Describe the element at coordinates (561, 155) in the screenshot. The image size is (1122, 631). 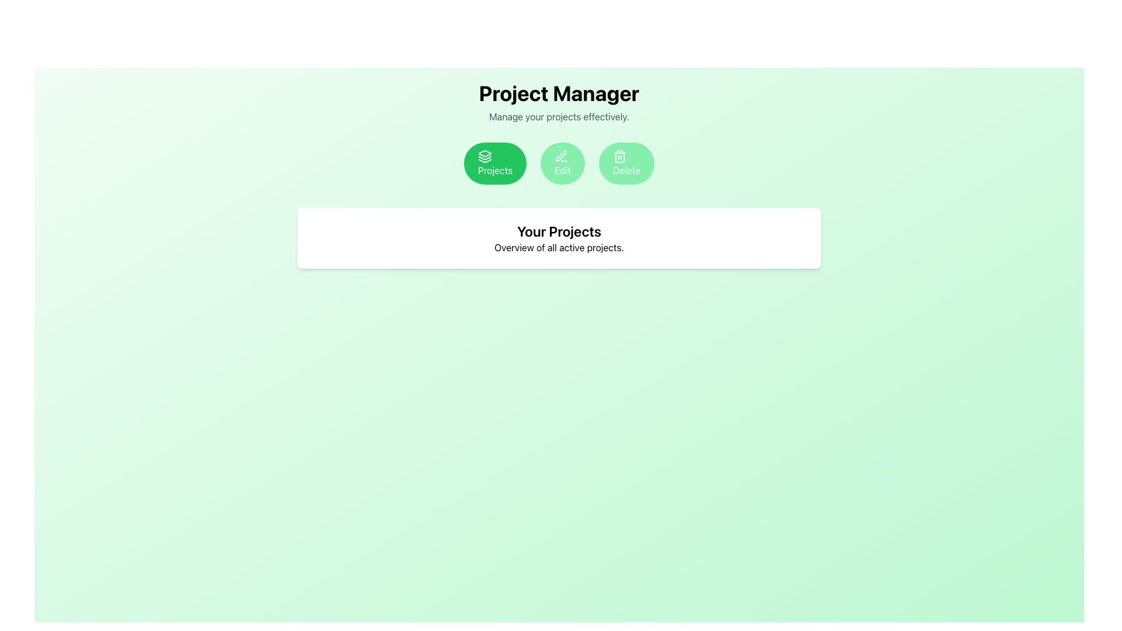
I see `the white pen icon on the green circular 'Edit' button, which is the second of three circular buttons in the central region near the top of the content area` at that location.